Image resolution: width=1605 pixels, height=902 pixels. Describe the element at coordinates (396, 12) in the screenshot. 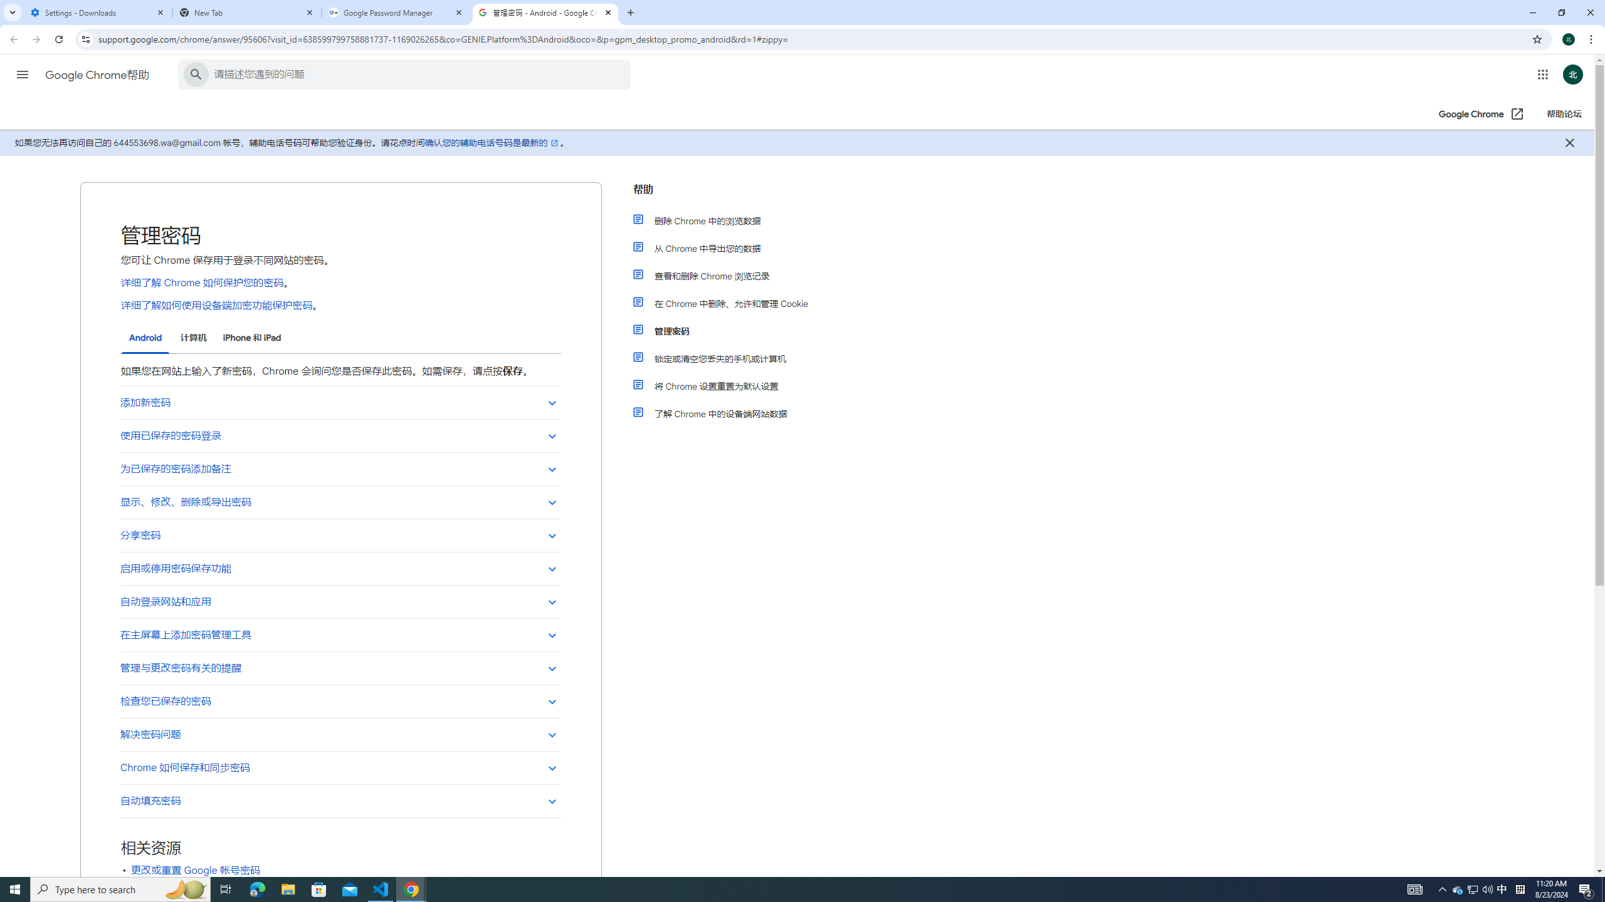

I see `'Google Password Manager'` at that location.